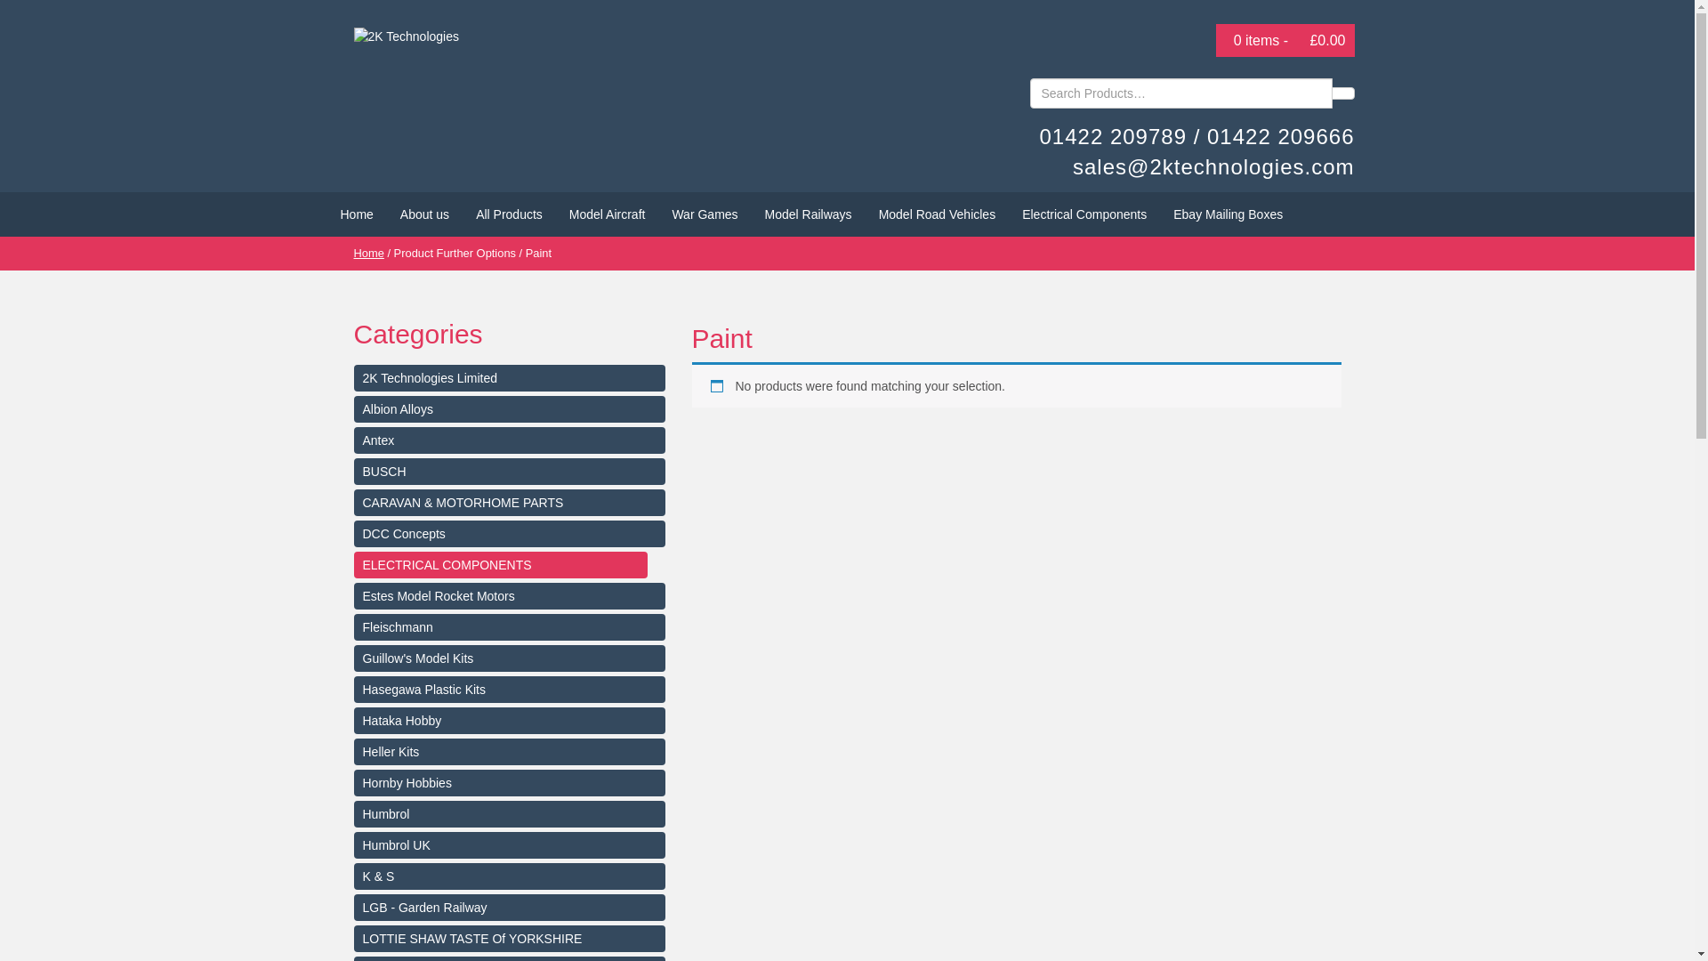  I want to click on 'Albion Alloys', so click(508, 408).